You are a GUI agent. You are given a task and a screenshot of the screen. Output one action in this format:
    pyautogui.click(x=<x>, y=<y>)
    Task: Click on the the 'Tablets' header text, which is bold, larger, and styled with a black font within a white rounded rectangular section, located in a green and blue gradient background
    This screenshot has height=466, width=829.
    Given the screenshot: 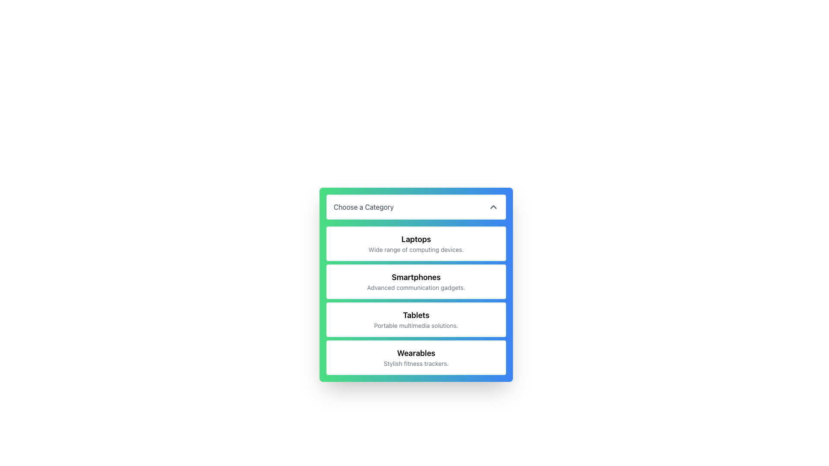 What is the action you would take?
    pyautogui.click(x=416, y=315)
    